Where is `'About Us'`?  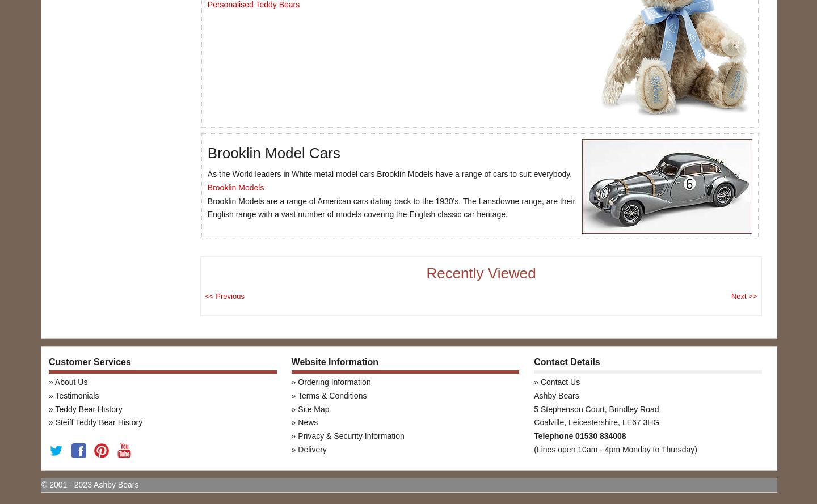 'About Us' is located at coordinates (70, 382).